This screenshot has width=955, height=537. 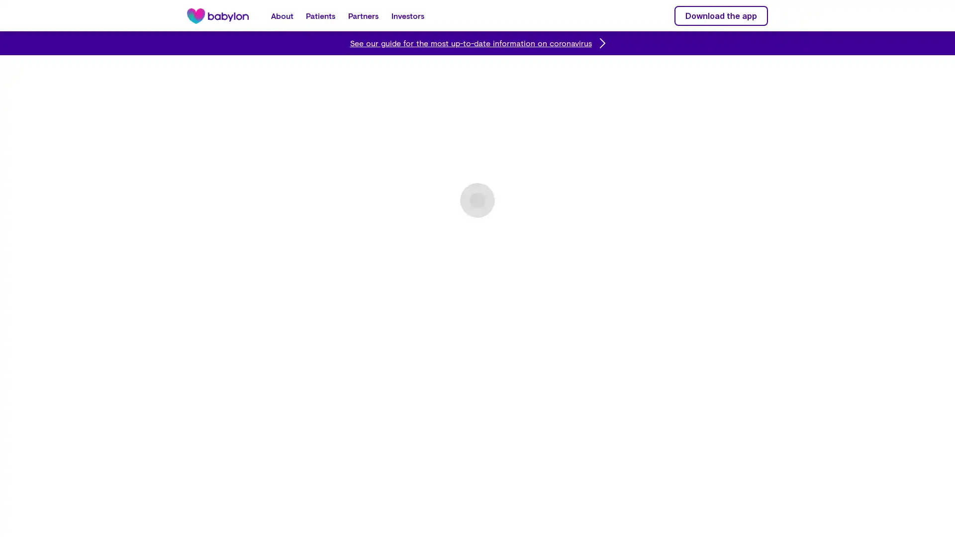 What do you see at coordinates (938, 515) in the screenshot?
I see `Close` at bounding box center [938, 515].